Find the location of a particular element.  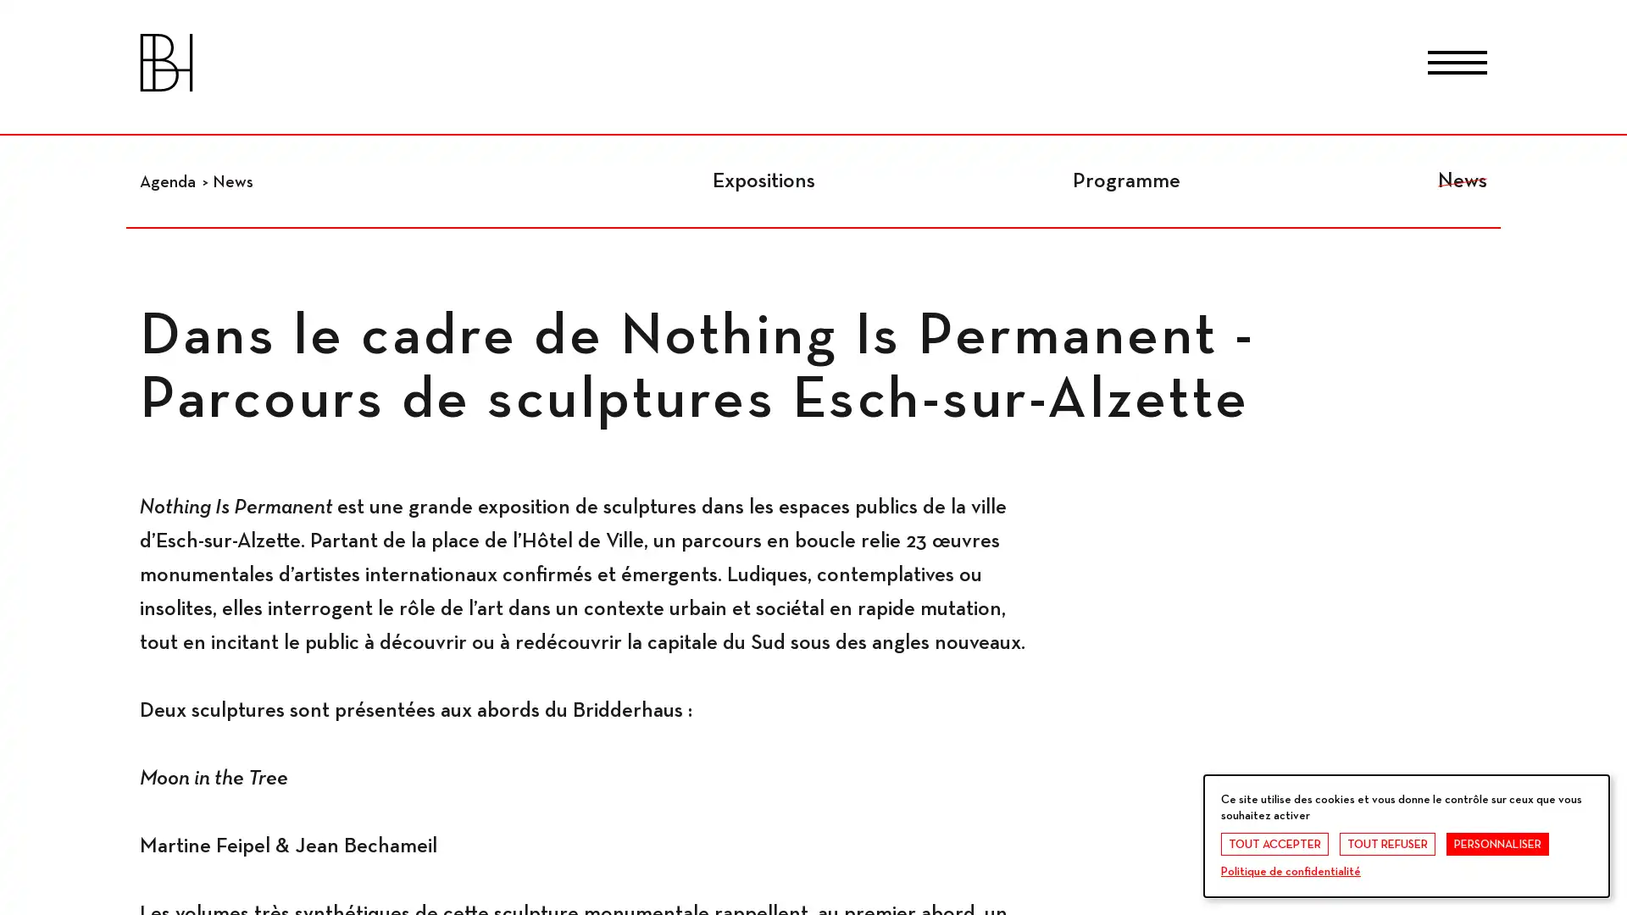

TOUT REFUSER is located at coordinates (1387, 844).